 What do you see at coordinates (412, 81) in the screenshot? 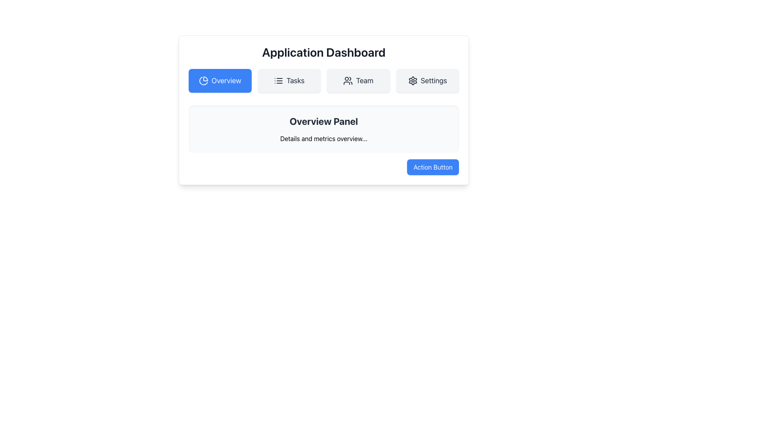
I see `the gear-like icon decoration with notched edges located in the settings button section at the top-right of the application dashboard` at bounding box center [412, 81].